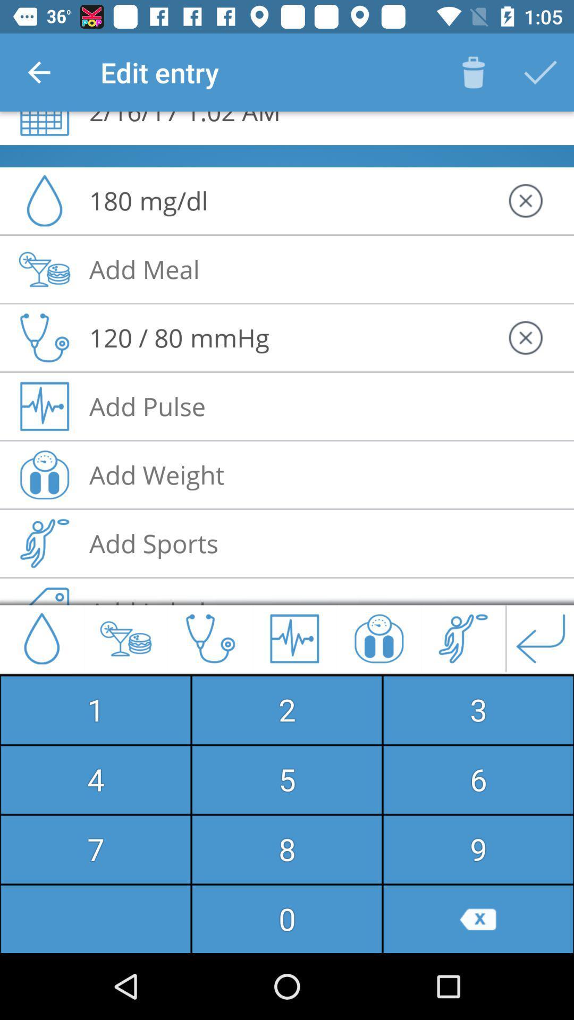  What do you see at coordinates (525, 201) in the screenshot?
I see `the close icon` at bounding box center [525, 201].